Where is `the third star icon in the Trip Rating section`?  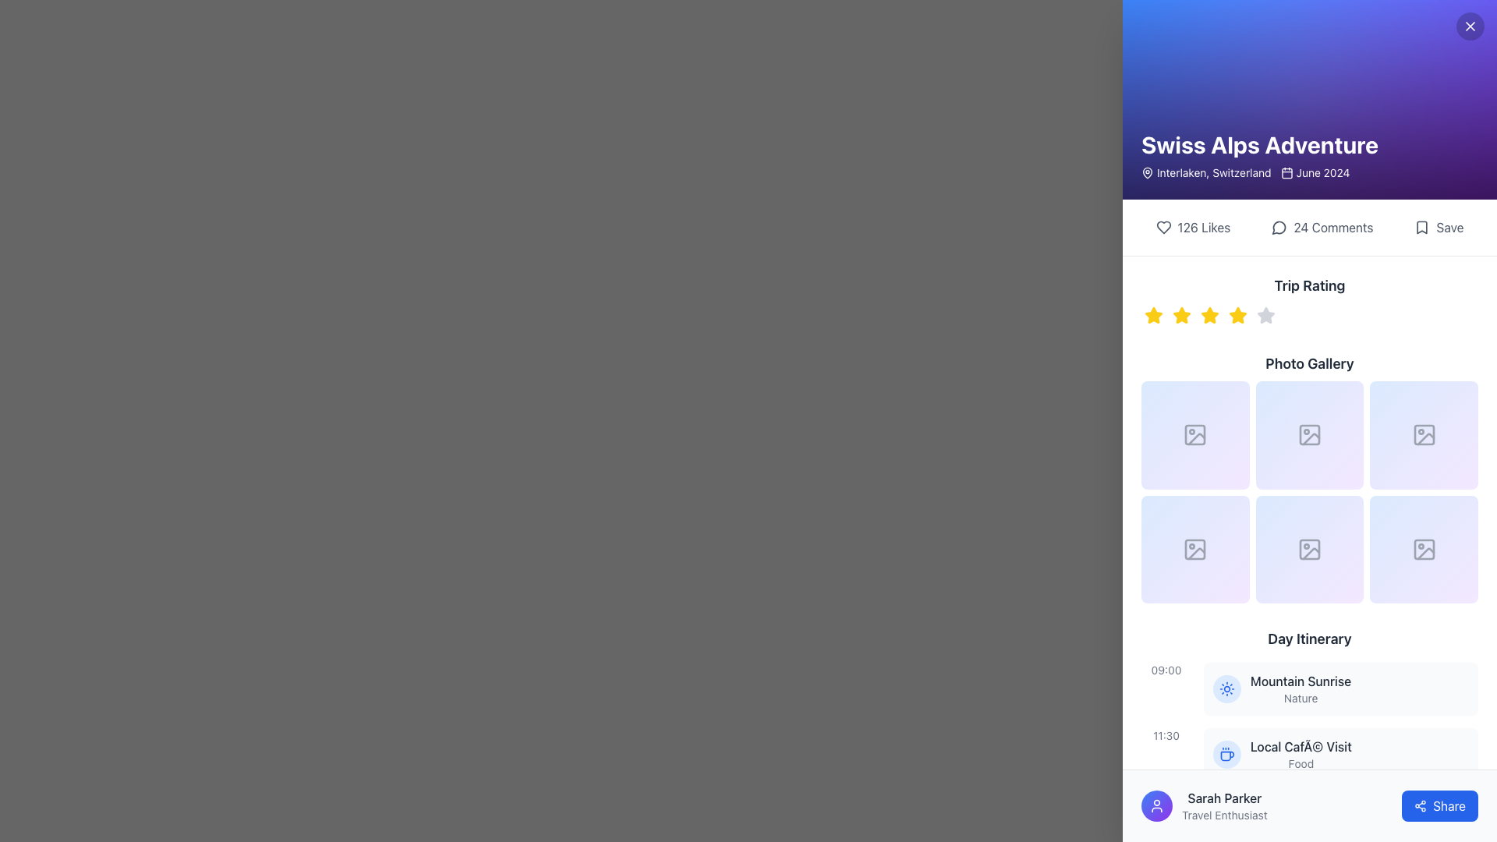
the third star icon in the Trip Rating section is located at coordinates (1209, 315).